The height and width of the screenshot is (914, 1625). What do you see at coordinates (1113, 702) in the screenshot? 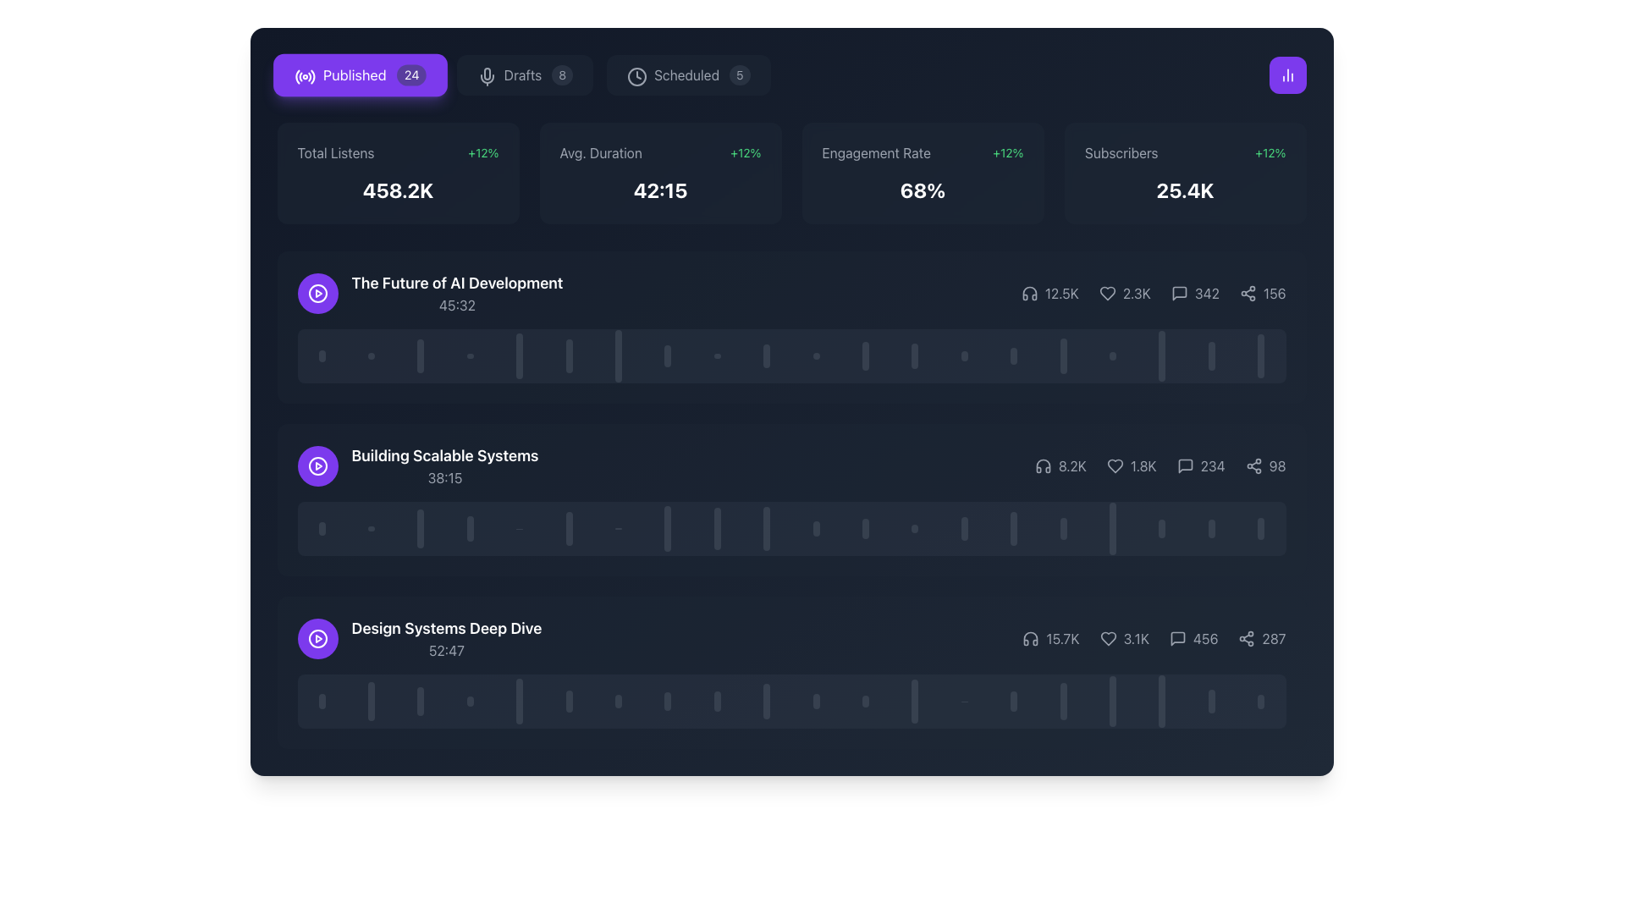
I see `the 17th vertical histogram bar in the group, which represents a specific metric within the progress tracker` at bounding box center [1113, 702].